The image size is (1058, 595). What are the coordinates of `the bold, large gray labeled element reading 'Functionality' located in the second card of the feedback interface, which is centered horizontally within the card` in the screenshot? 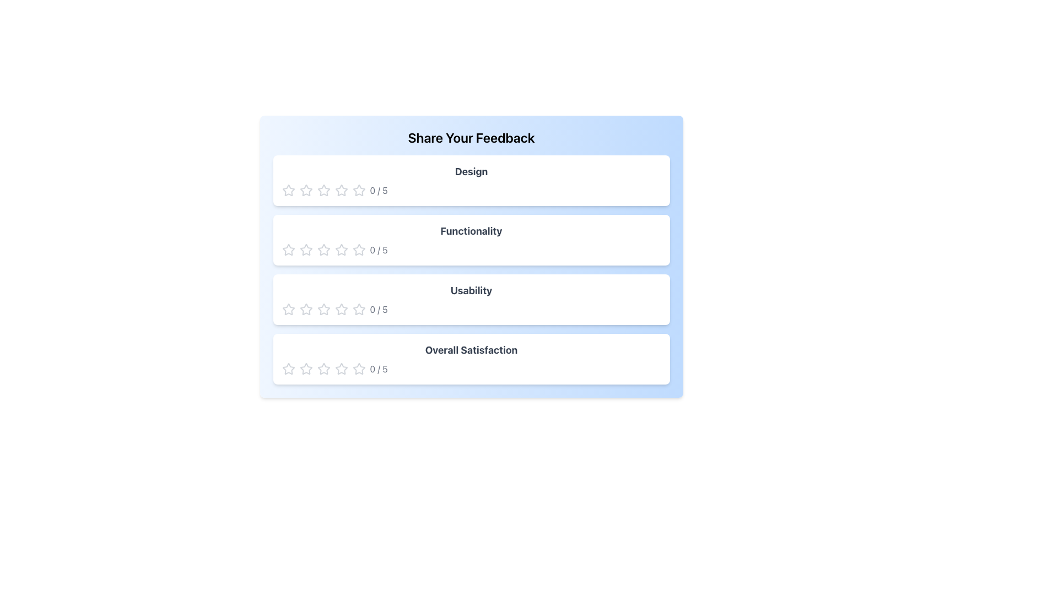 It's located at (471, 231).